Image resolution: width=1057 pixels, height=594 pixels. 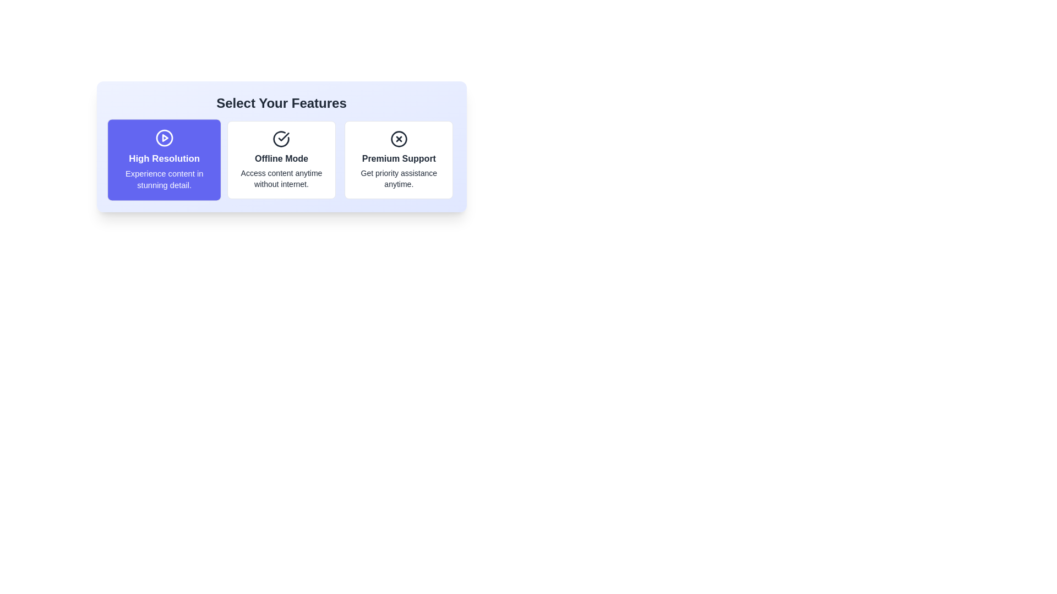 I want to click on the icon that serves as a visual indicator or button for closing, rejecting, or deselecting an option, located above the text 'Premium Support' within the third card, so click(x=398, y=139).